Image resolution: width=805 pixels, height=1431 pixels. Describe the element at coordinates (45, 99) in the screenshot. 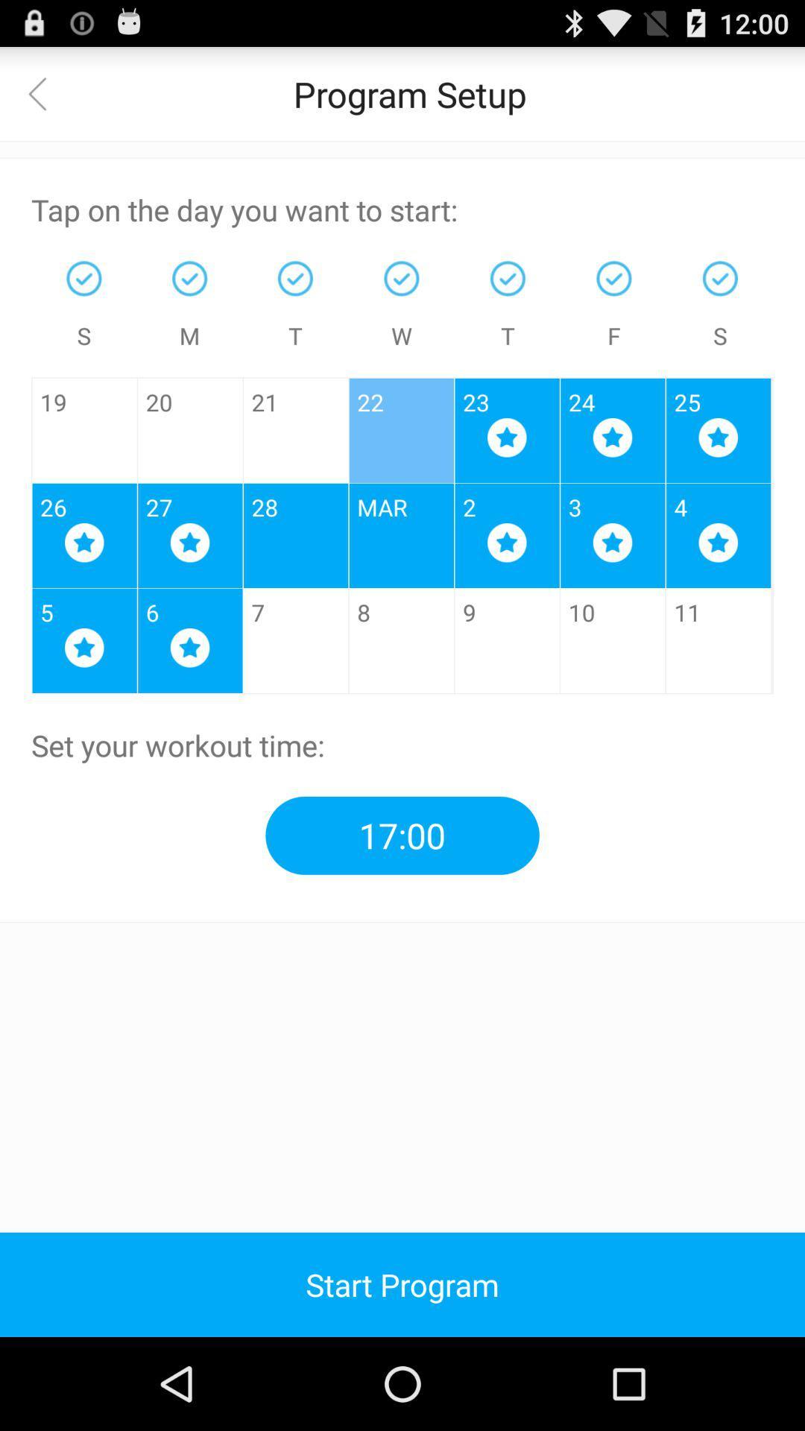

I see `the arrow_backward icon` at that location.